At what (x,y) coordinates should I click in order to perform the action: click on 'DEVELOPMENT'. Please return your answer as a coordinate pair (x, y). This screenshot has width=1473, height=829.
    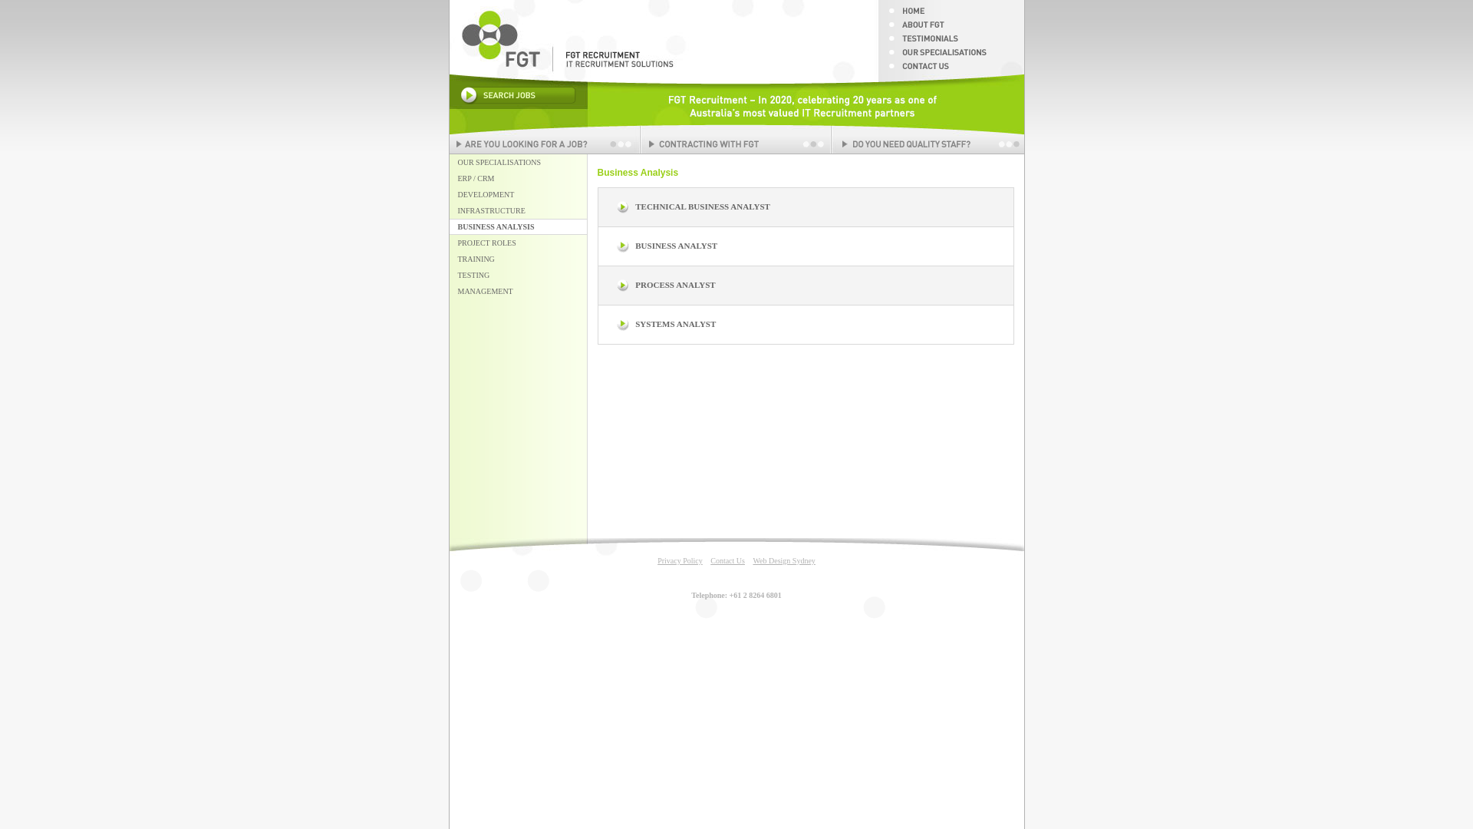
    Looking at the image, I should click on (519, 193).